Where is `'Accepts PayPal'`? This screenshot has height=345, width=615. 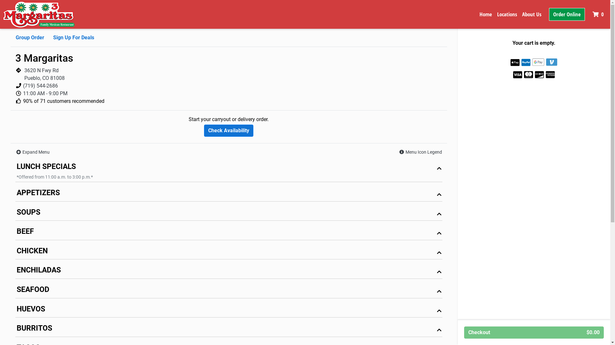 'Accepts PayPal' is located at coordinates (526, 62).